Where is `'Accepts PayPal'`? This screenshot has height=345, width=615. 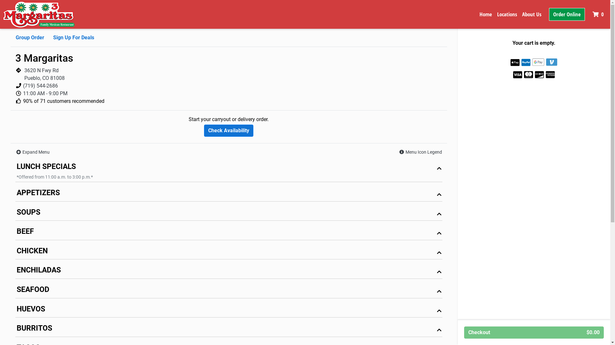 'Accepts PayPal' is located at coordinates (526, 62).